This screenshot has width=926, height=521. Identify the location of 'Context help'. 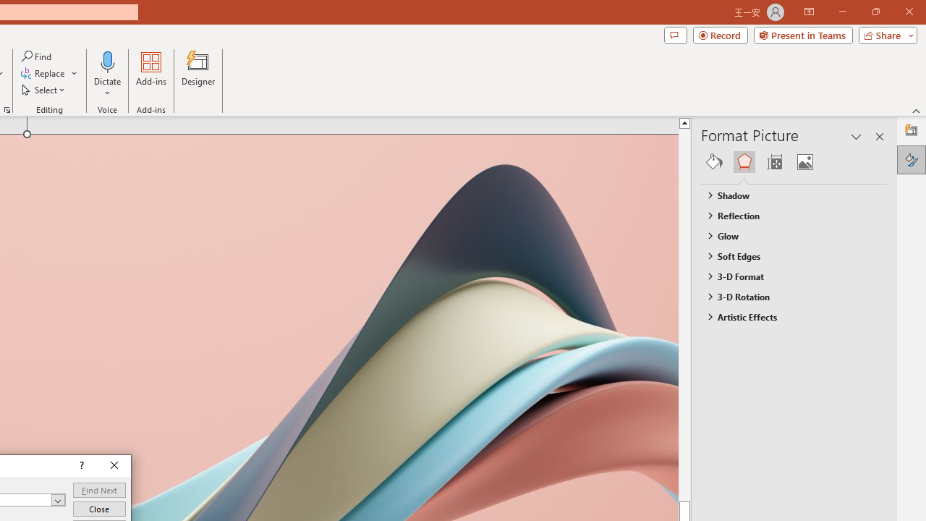
(80, 466).